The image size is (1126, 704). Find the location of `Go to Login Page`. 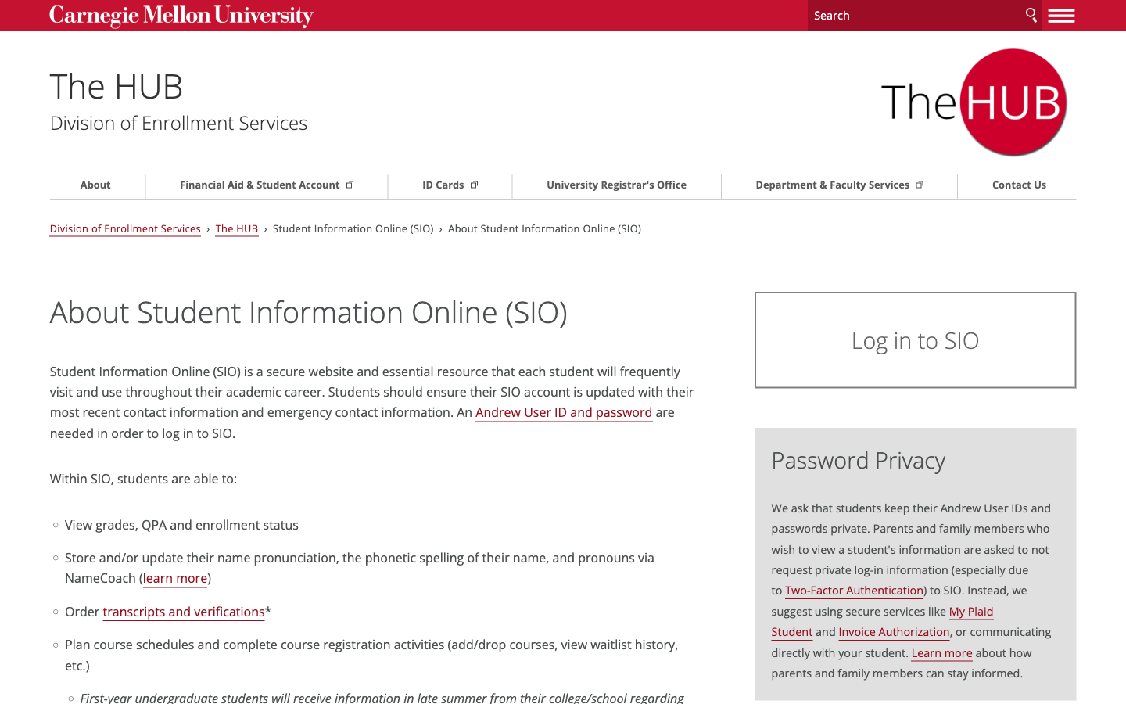

Go to Login Page is located at coordinates (887, 339).